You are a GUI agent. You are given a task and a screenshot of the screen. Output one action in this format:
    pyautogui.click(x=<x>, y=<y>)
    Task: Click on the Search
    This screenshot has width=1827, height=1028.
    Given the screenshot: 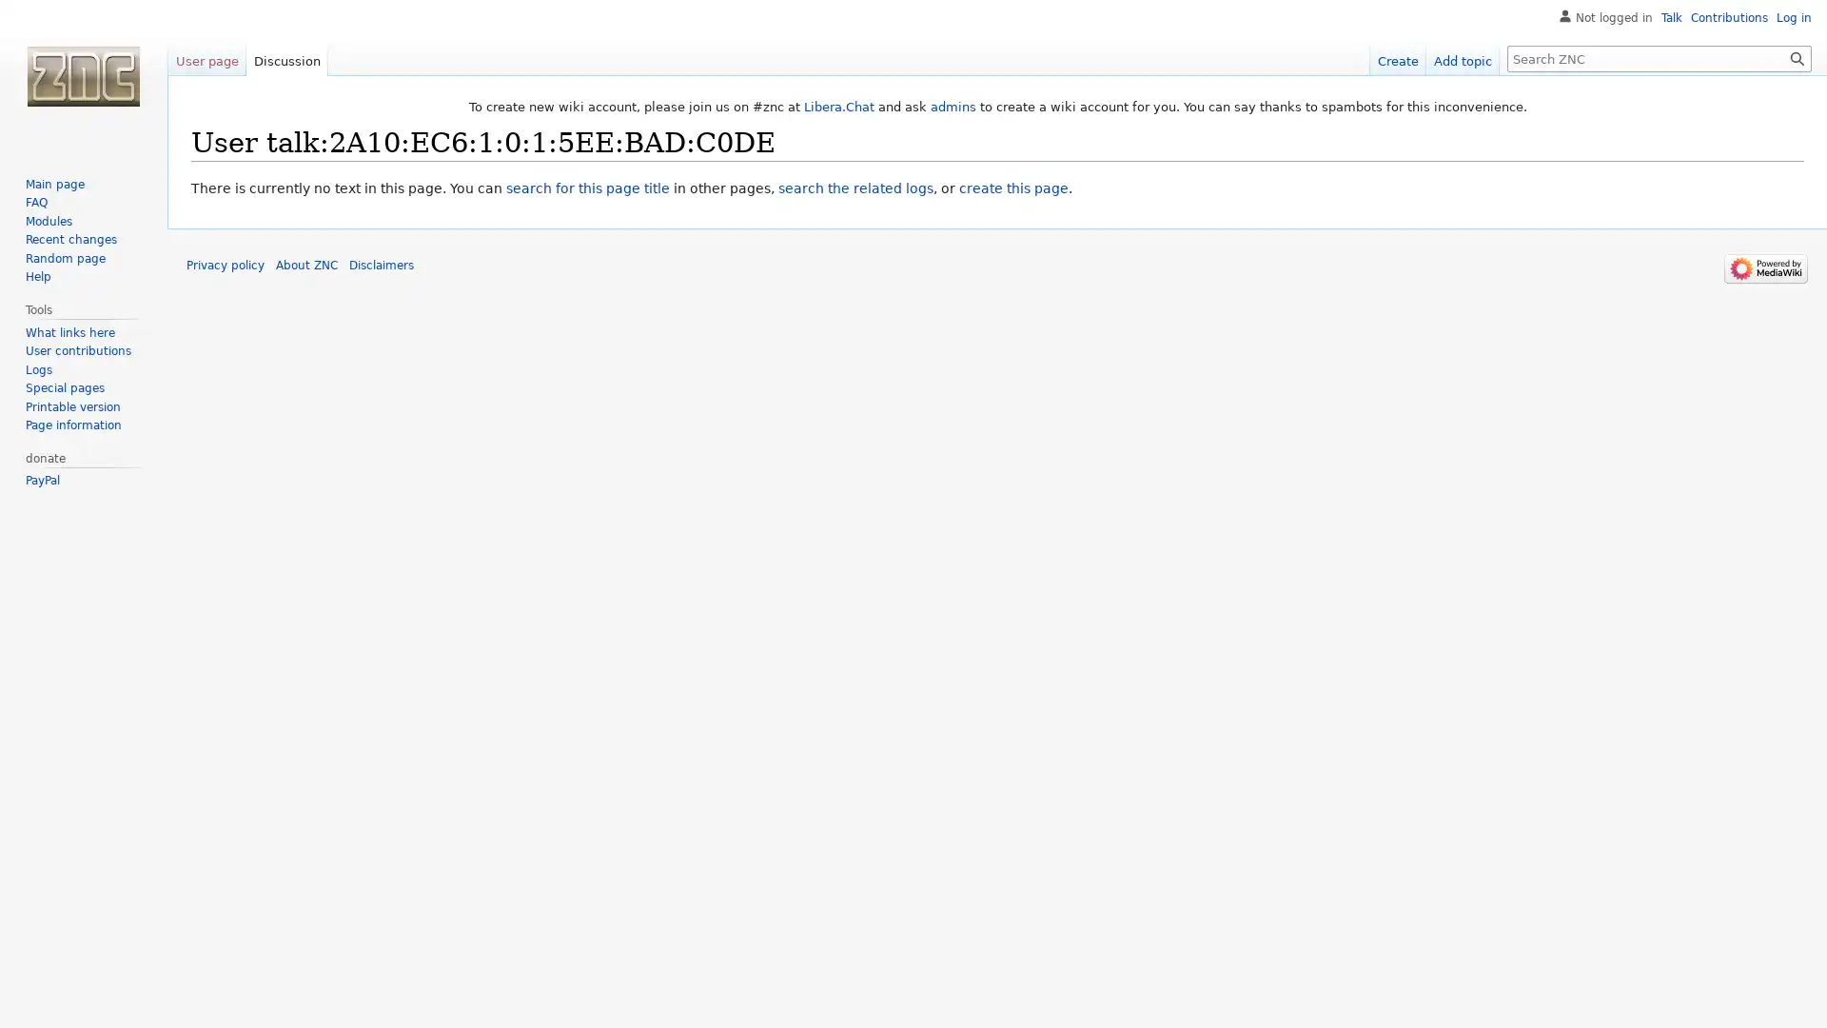 What is the action you would take?
    pyautogui.click(x=1797, y=57)
    